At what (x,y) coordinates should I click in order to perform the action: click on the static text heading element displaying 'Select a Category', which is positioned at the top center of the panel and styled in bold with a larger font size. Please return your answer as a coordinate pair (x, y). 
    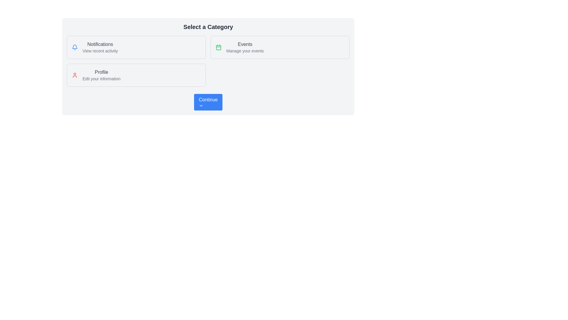
    Looking at the image, I should click on (208, 27).